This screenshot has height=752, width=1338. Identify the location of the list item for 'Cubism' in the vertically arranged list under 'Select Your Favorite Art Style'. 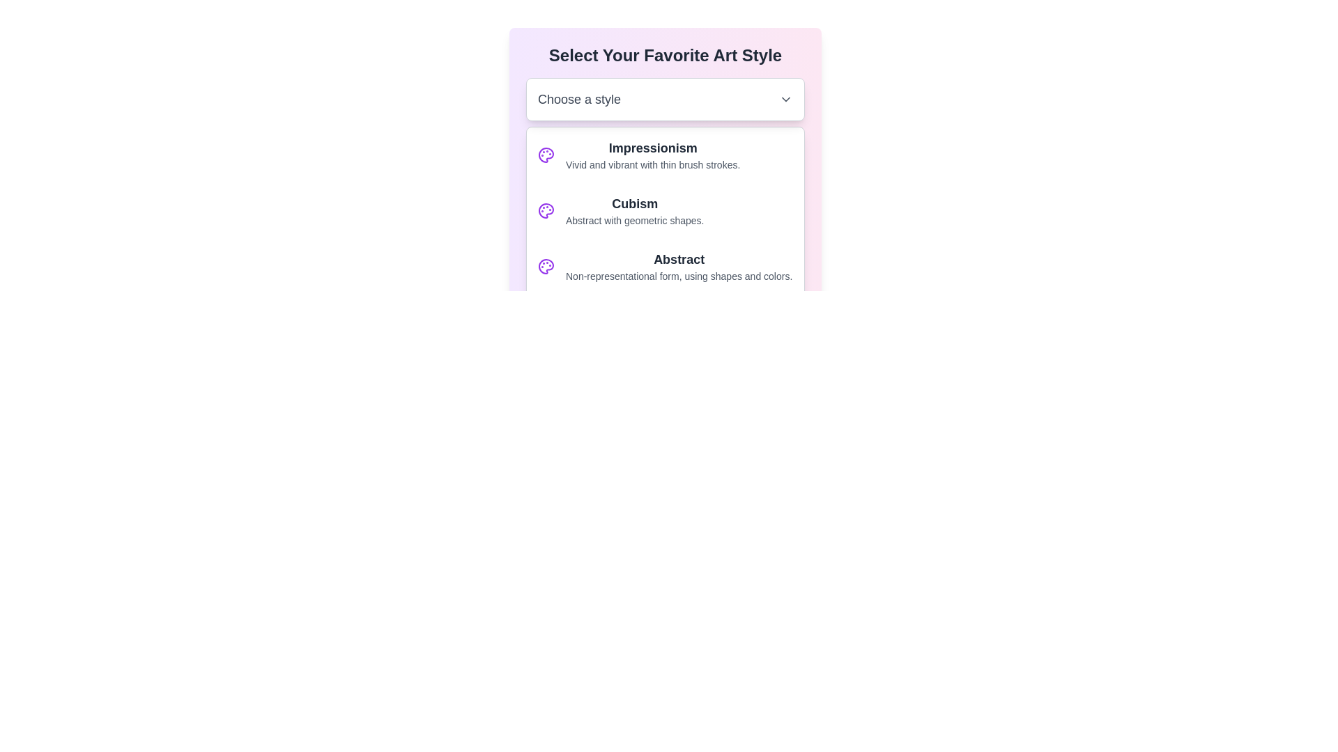
(665, 211).